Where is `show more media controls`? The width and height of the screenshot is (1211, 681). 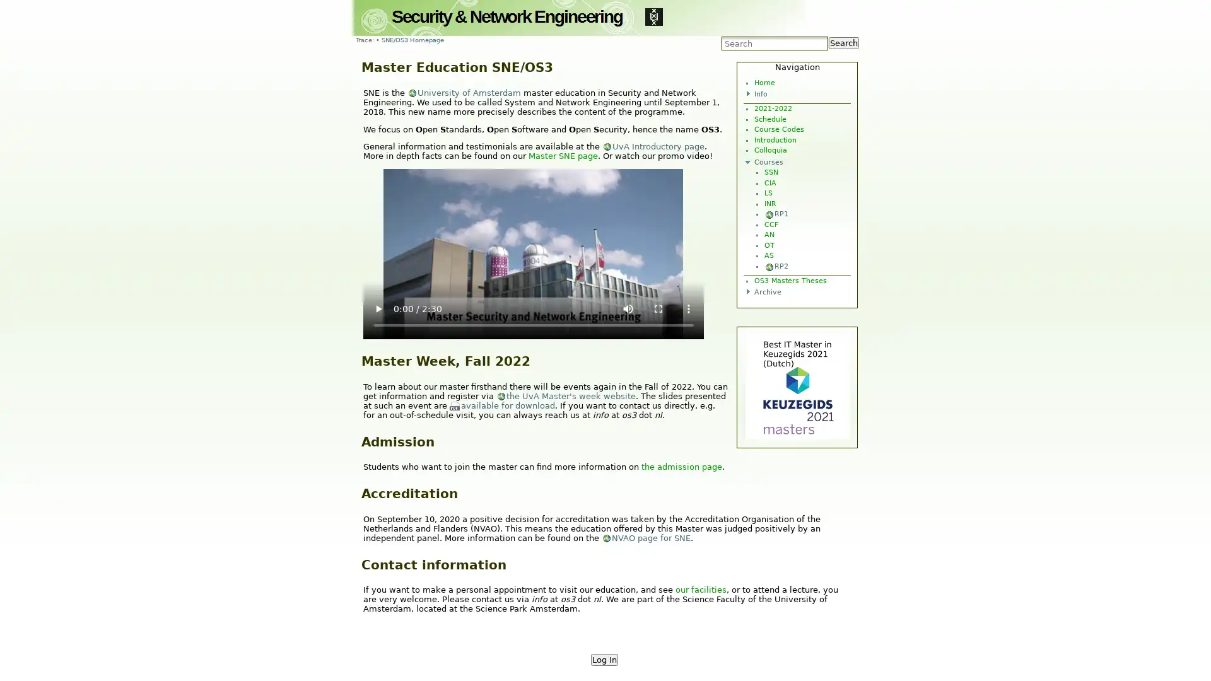
show more media controls is located at coordinates (687, 308).